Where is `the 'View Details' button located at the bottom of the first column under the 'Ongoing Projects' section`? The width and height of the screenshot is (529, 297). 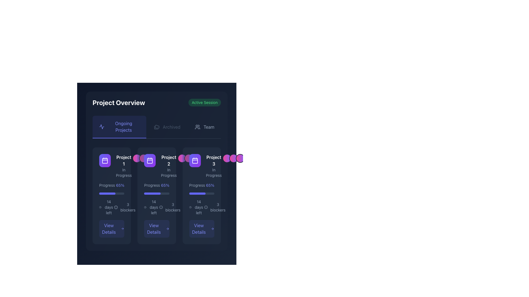 the 'View Details' button located at the bottom of the first column under the 'Ongoing Projects' section is located at coordinates (111, 229).